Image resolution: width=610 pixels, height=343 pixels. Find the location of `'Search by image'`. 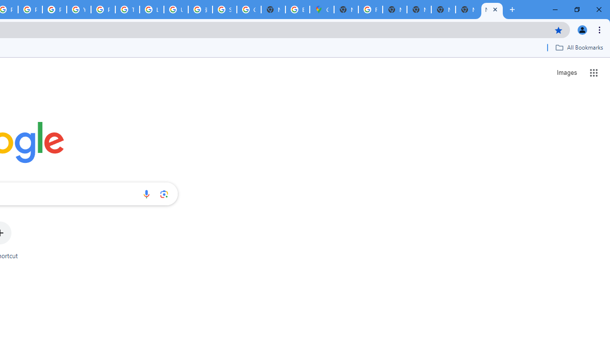

'Search by image' is located at coordinates (164, 193).